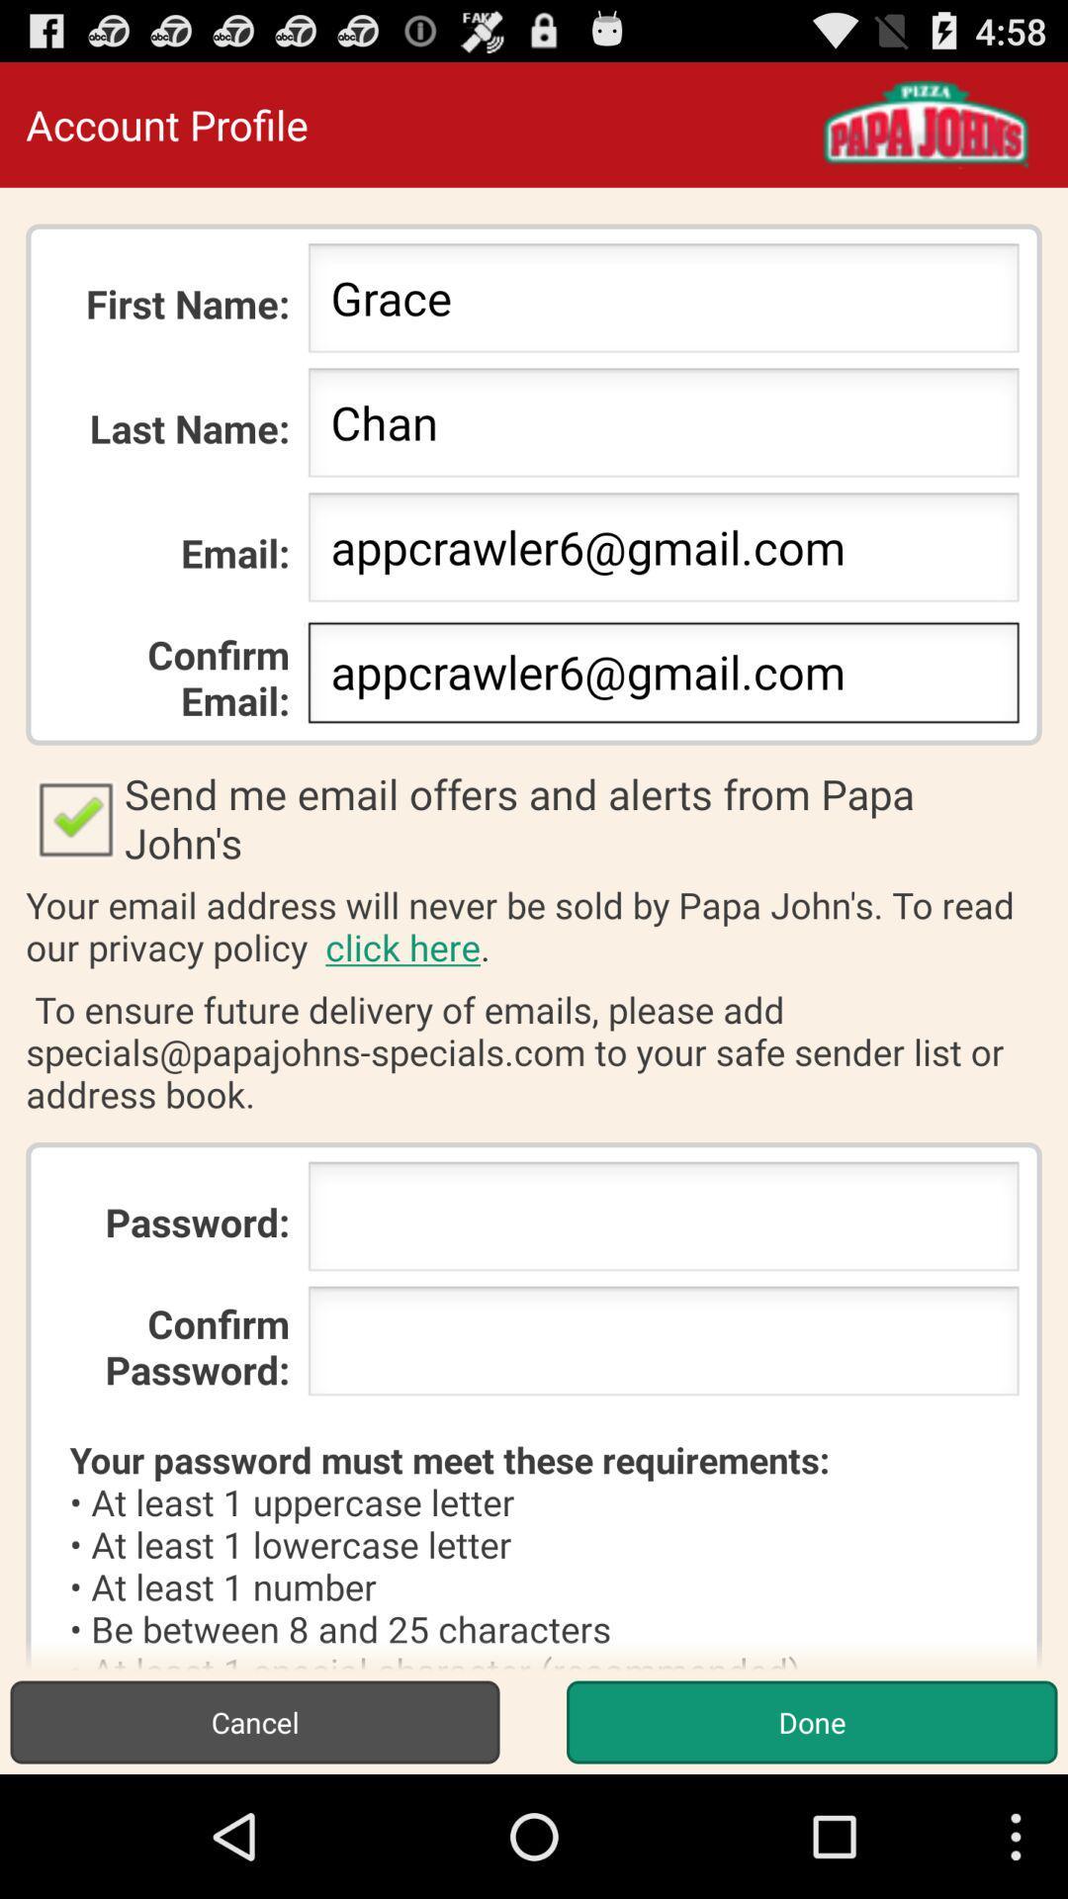  What do you see at coordinates (664, 303) in the screenshot?
I see `the grace` at bounding box center [664, 303].